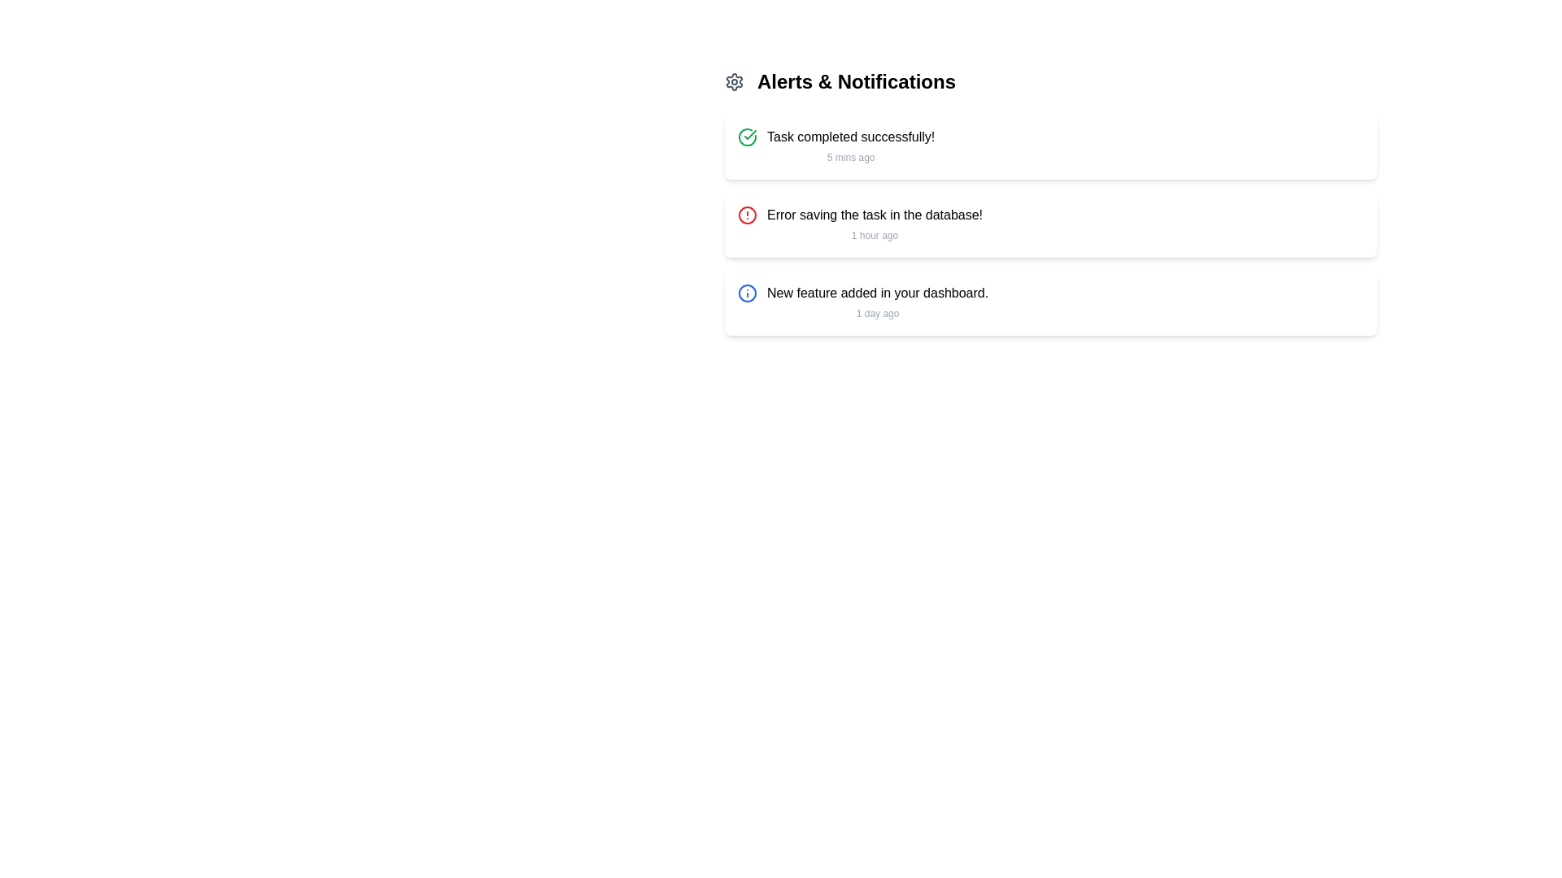  What do you see at coordinates (1050, 225) in the screenshot?
I see `the second notification block in the 'Alerts & Notifications' section` at bounding box center [1050, 225].